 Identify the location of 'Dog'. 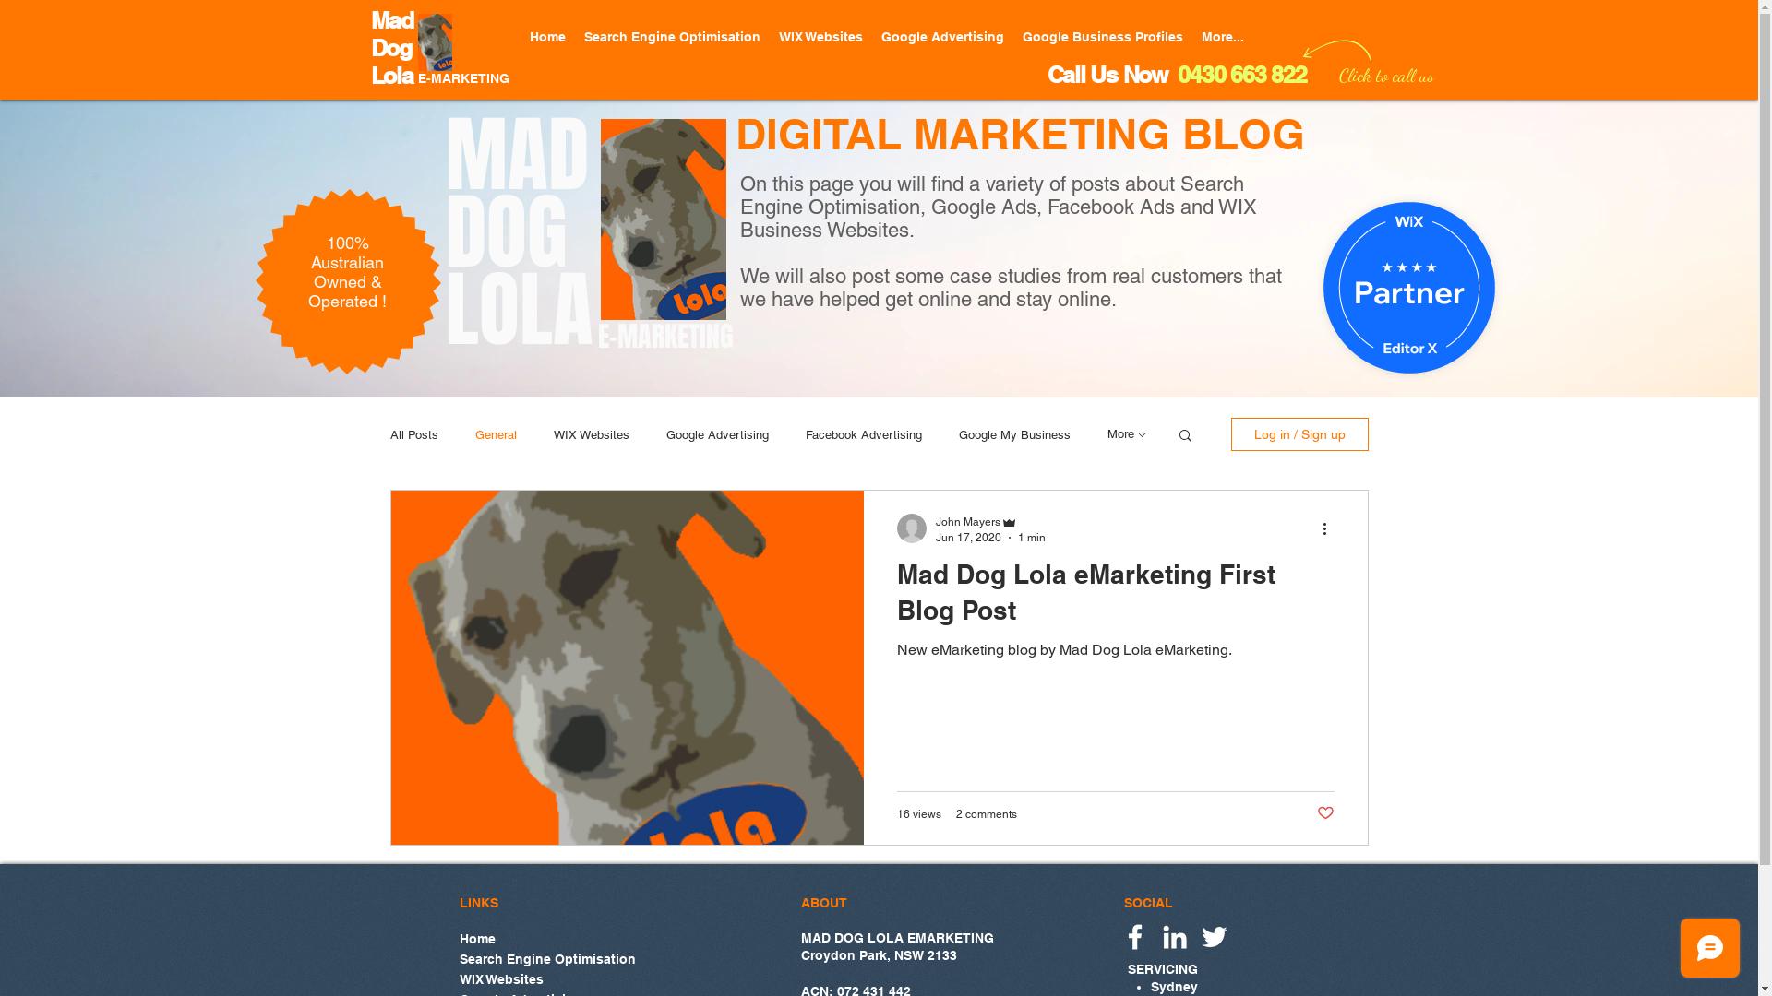
(389, 47).